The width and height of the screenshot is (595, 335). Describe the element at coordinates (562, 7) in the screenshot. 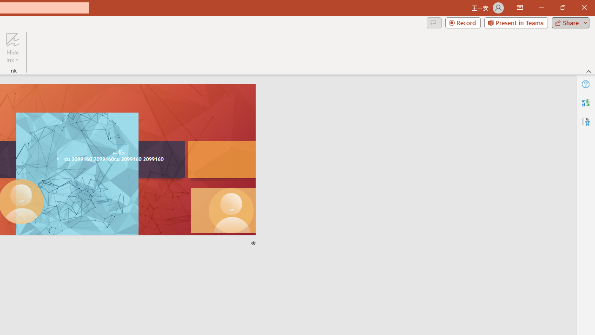

I see `'Restore Down'` at that location.